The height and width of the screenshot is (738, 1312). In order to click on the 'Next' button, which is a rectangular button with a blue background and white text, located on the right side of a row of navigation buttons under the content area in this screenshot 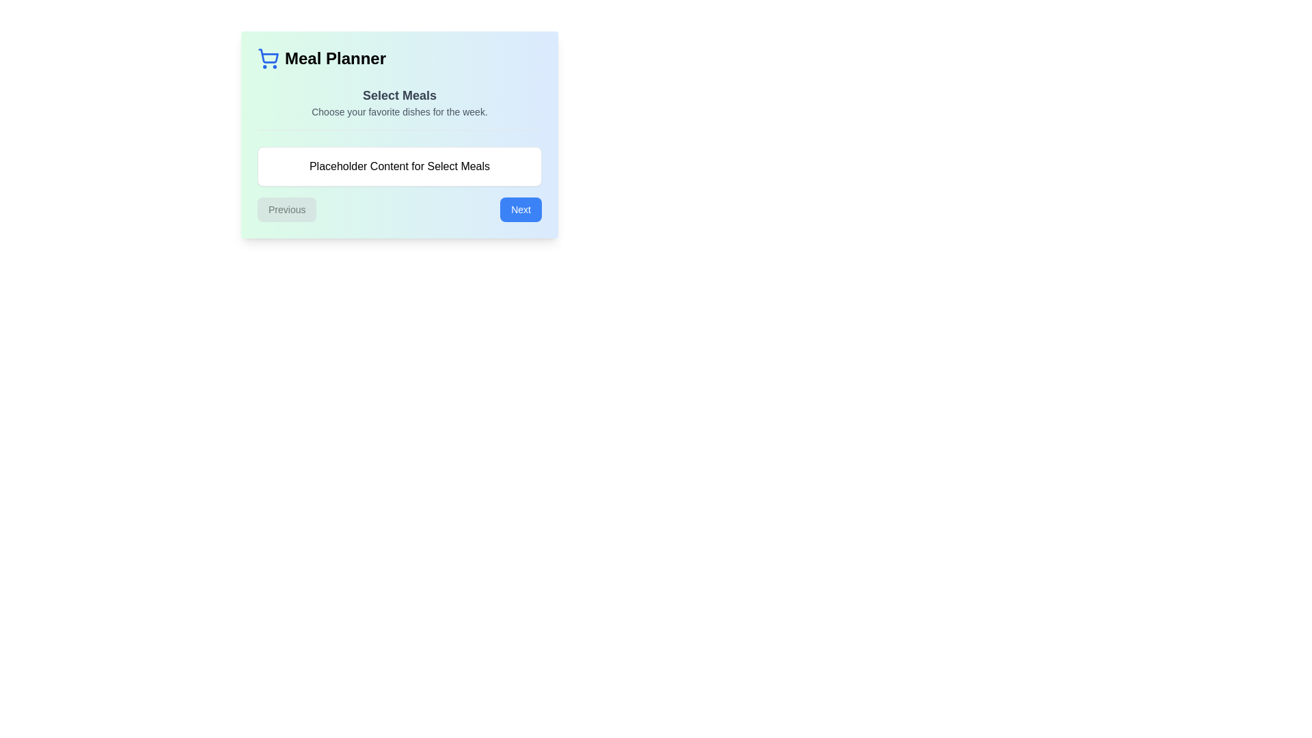, I will do `click(520, 210)`.